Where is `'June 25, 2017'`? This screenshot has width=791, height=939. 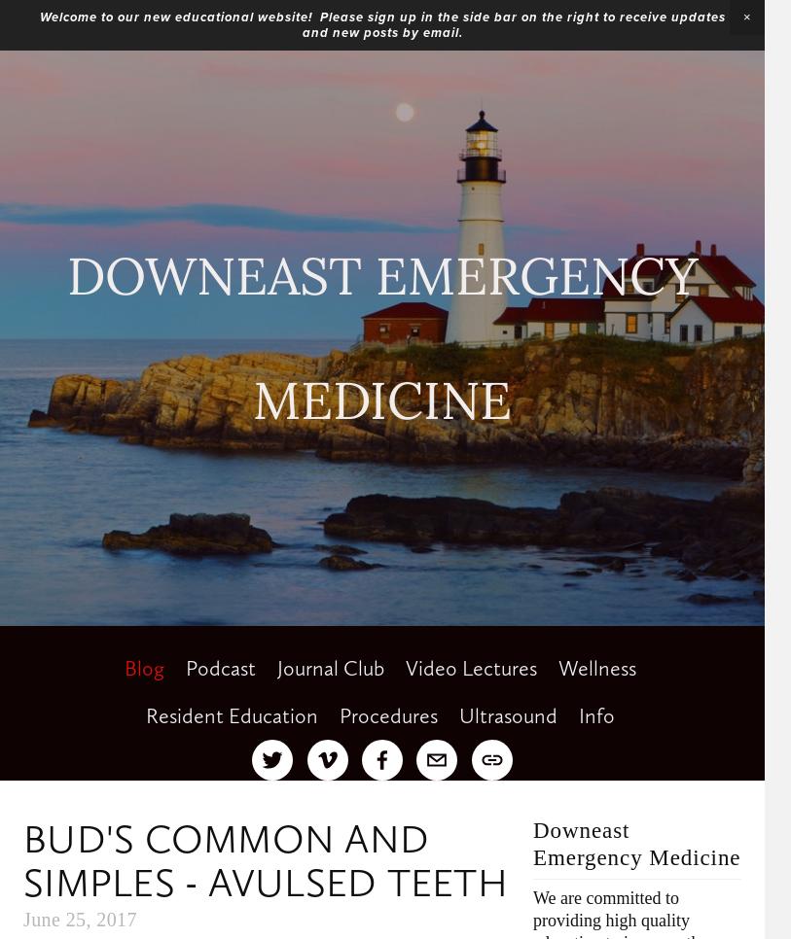 'June 25, 2017' is located at coordinates (21, 919).